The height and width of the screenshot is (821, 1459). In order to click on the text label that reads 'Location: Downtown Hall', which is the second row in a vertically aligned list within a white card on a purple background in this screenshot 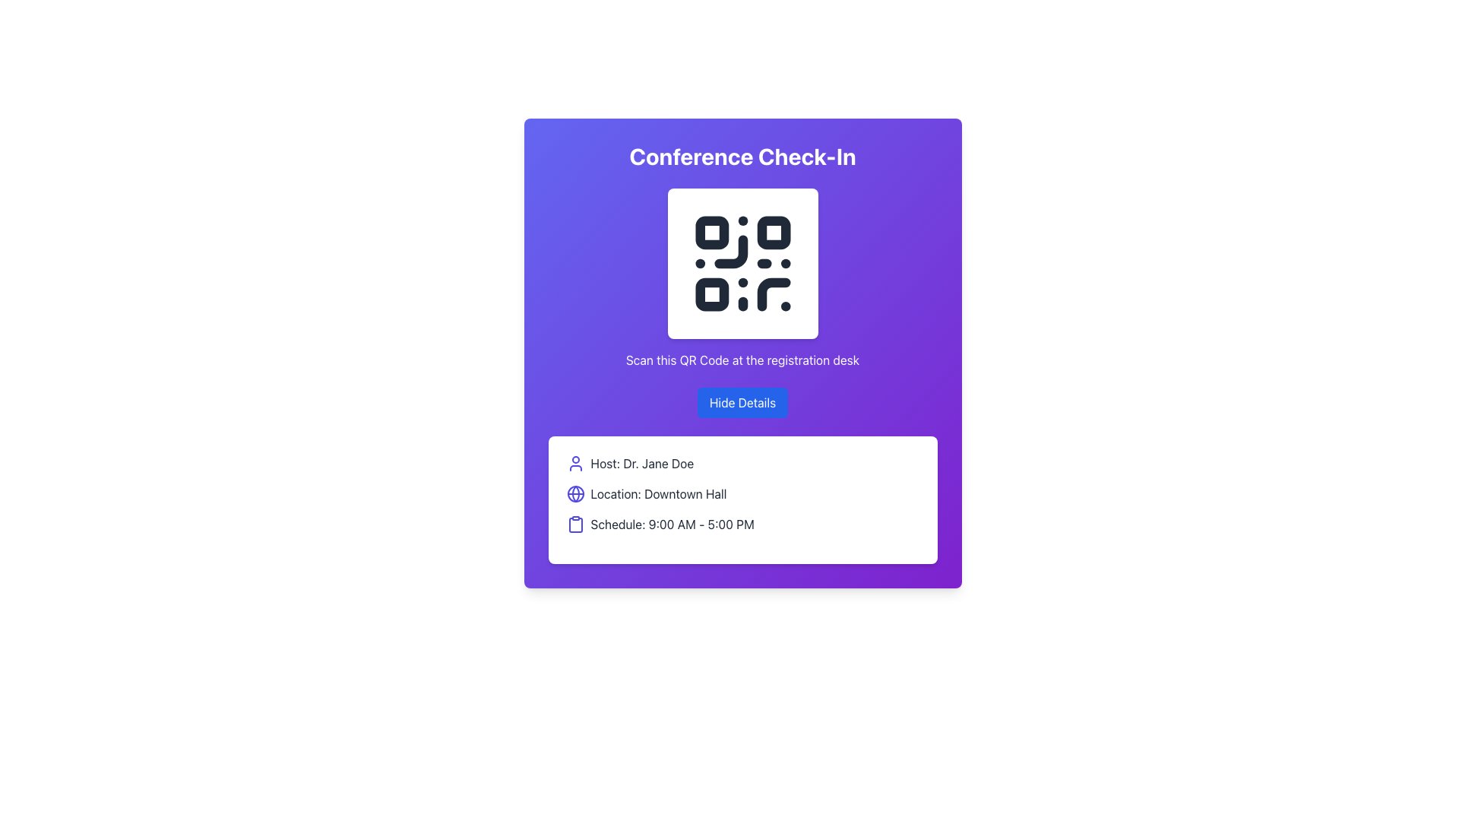, I will do `click(658, 494)`.